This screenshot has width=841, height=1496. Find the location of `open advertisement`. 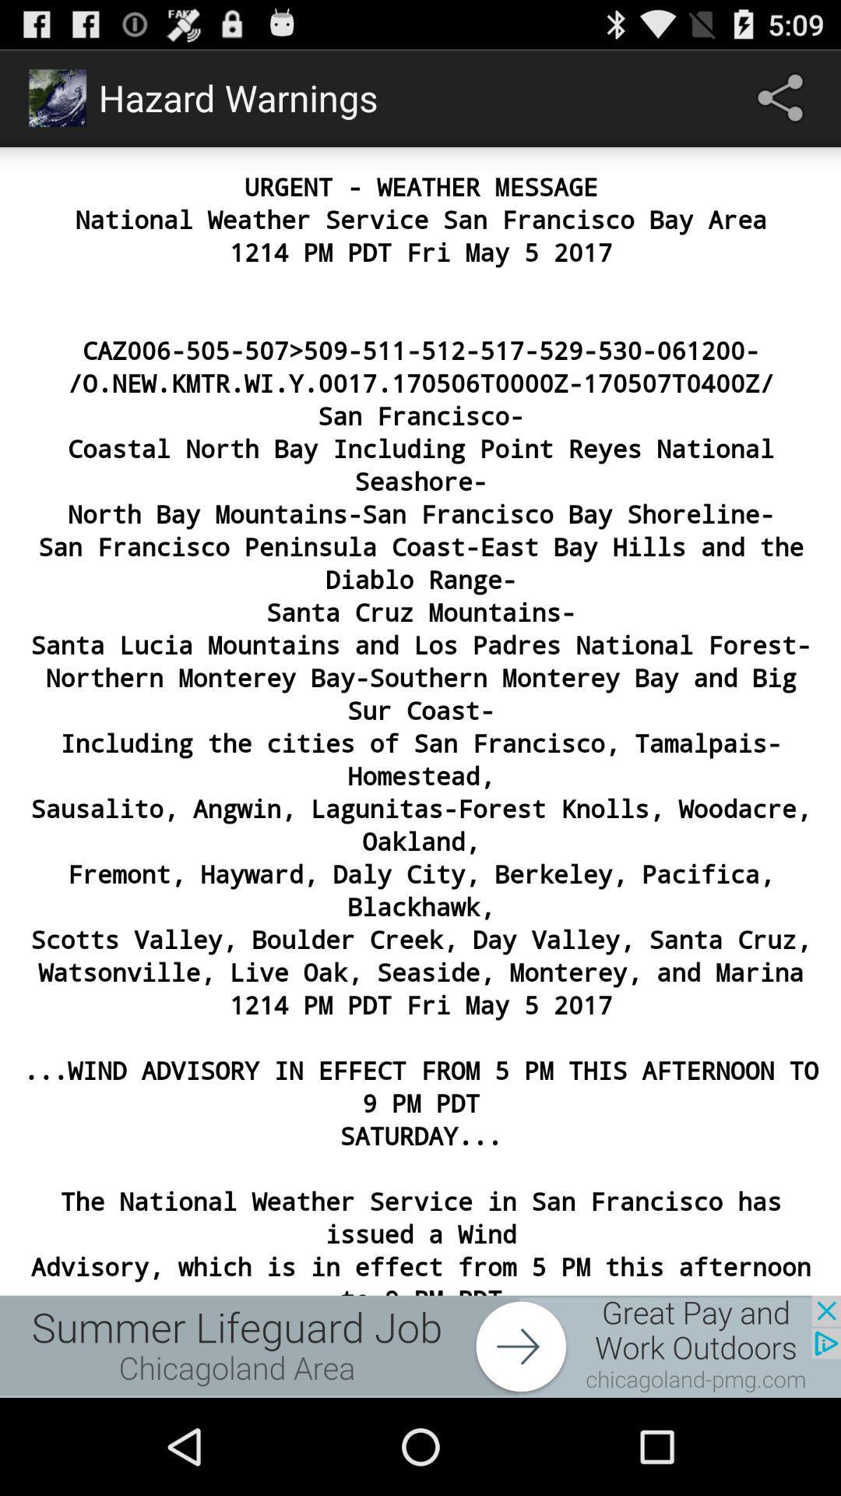

open advertisement is located at coordinates (420, 1346).